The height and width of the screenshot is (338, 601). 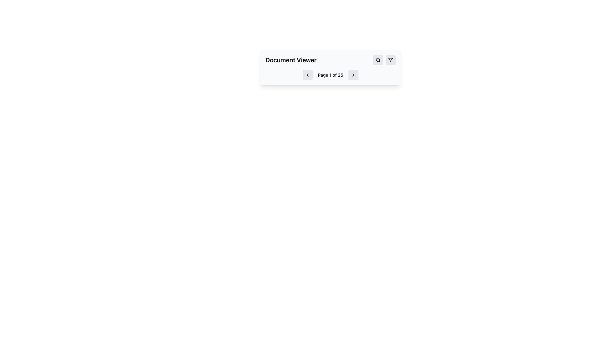 What do you see at coordinates (378, 60) in the screenshot?
I see `the search icon button located in the top-right quadrant of the 'Document Viewer' control panel` at bounding box center [378, 60].